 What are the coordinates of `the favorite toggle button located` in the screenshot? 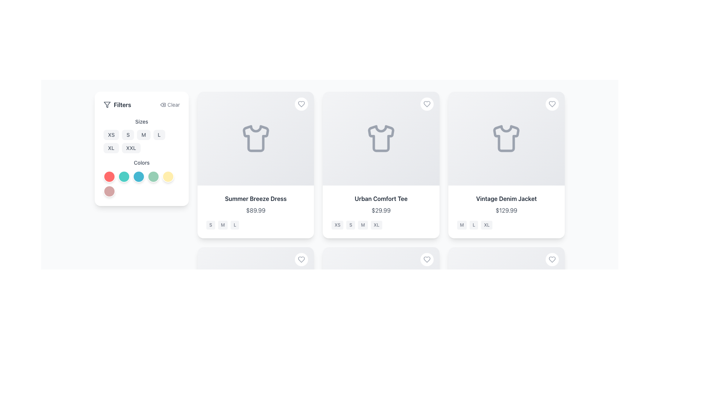 It's located at (552, 104).